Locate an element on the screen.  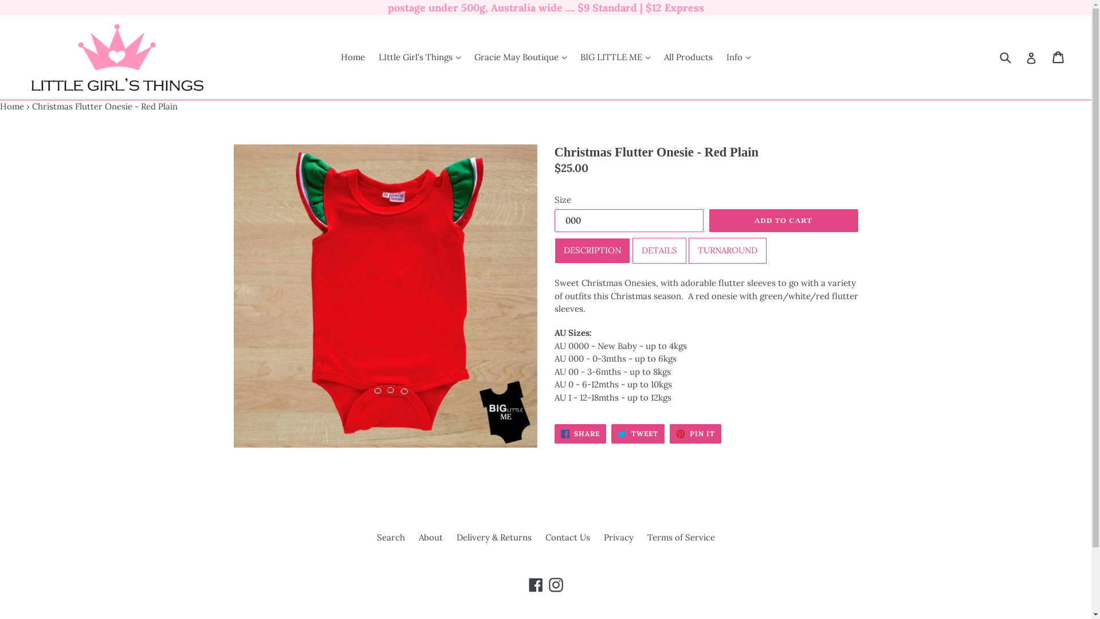
'PIN IT is located at coordinates (670, 433).